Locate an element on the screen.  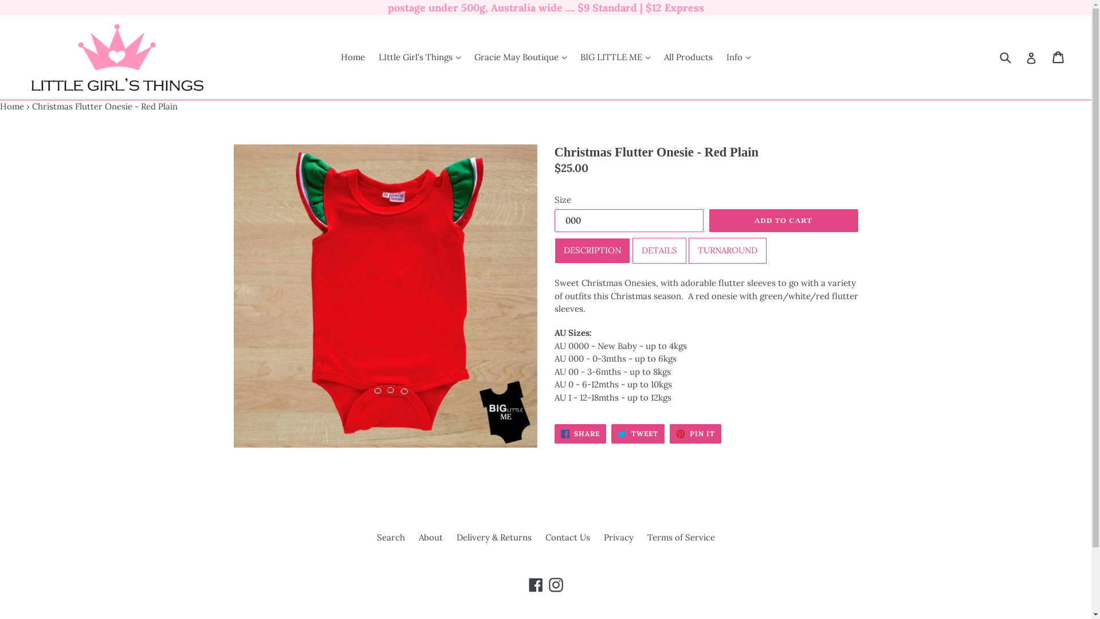
'PIN IT is located at coordinates (670, 433).